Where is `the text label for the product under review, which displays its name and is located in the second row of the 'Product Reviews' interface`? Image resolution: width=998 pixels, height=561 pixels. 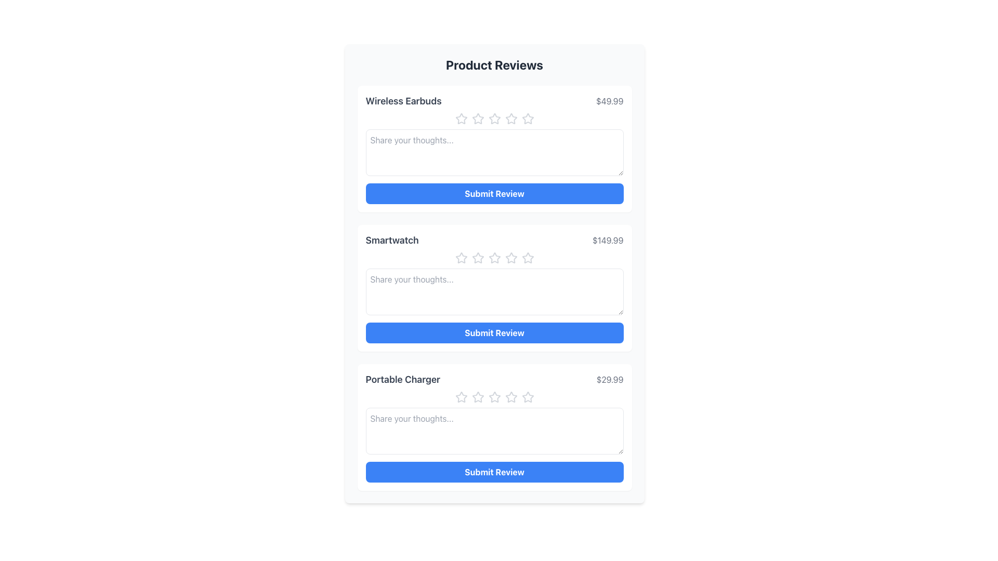 the text label for the product under review, which displays its name and is located in the second row of the 'Product Reviews' interface is located at coordinates (391, 240).